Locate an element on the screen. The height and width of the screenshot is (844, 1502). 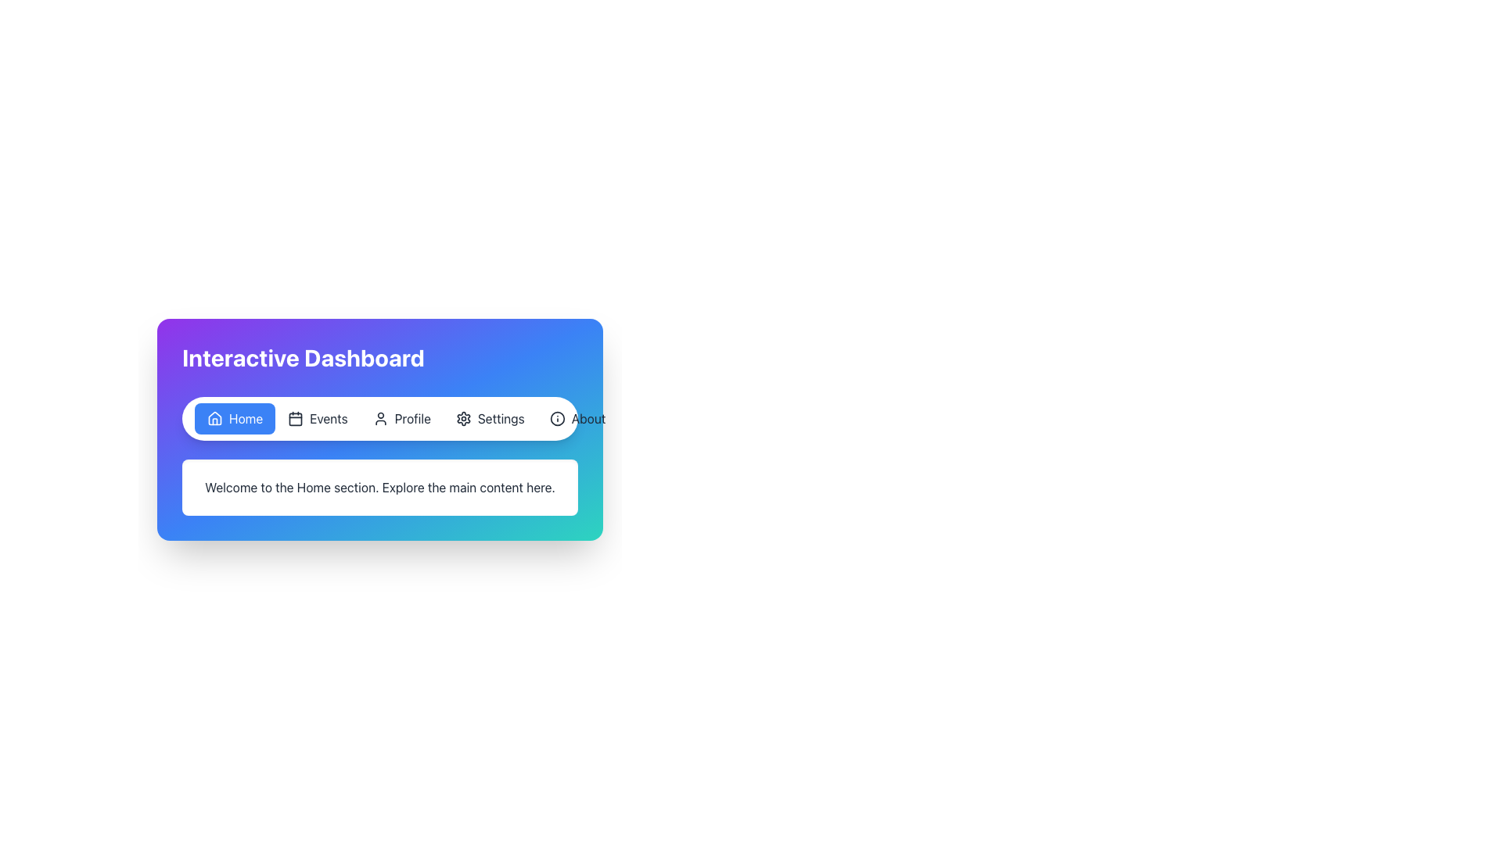
the small circular information icon with a thin stroke outline located to the left of the 'About' button in the navigation bar is located at coordinates (557, 418).